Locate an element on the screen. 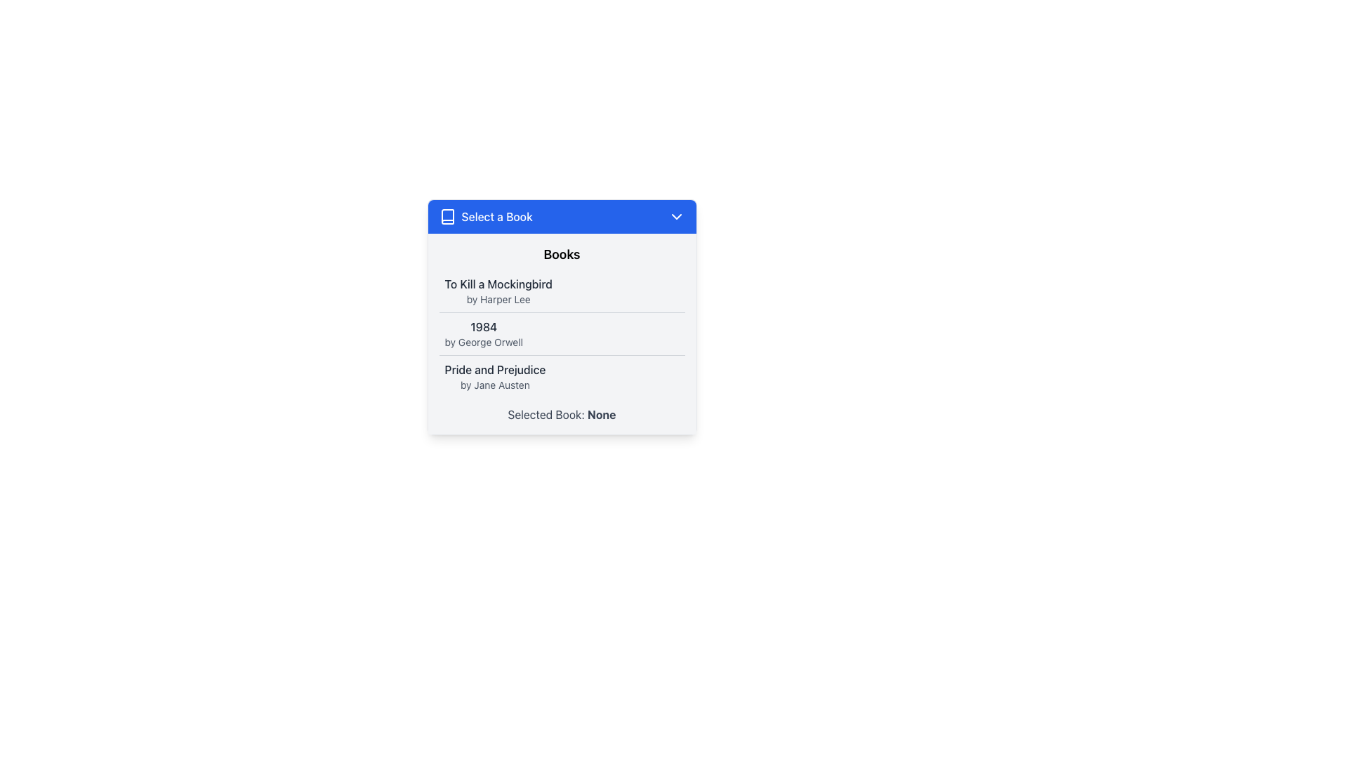  the decorative icon located in the header section labeled 'Select a Book', positioned to the left of the text 'Select a Book' is located at coordinates (447, 216).